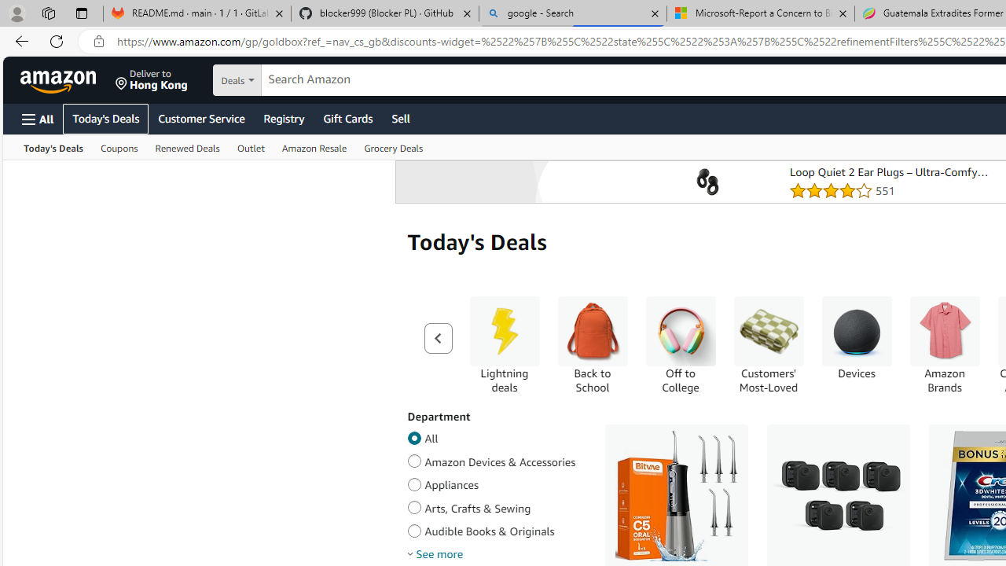 This screenshot has height=566, width=1006. Describe the element at coordinates (401, 117) in the screenshot. I see `'Sell'` at that location.